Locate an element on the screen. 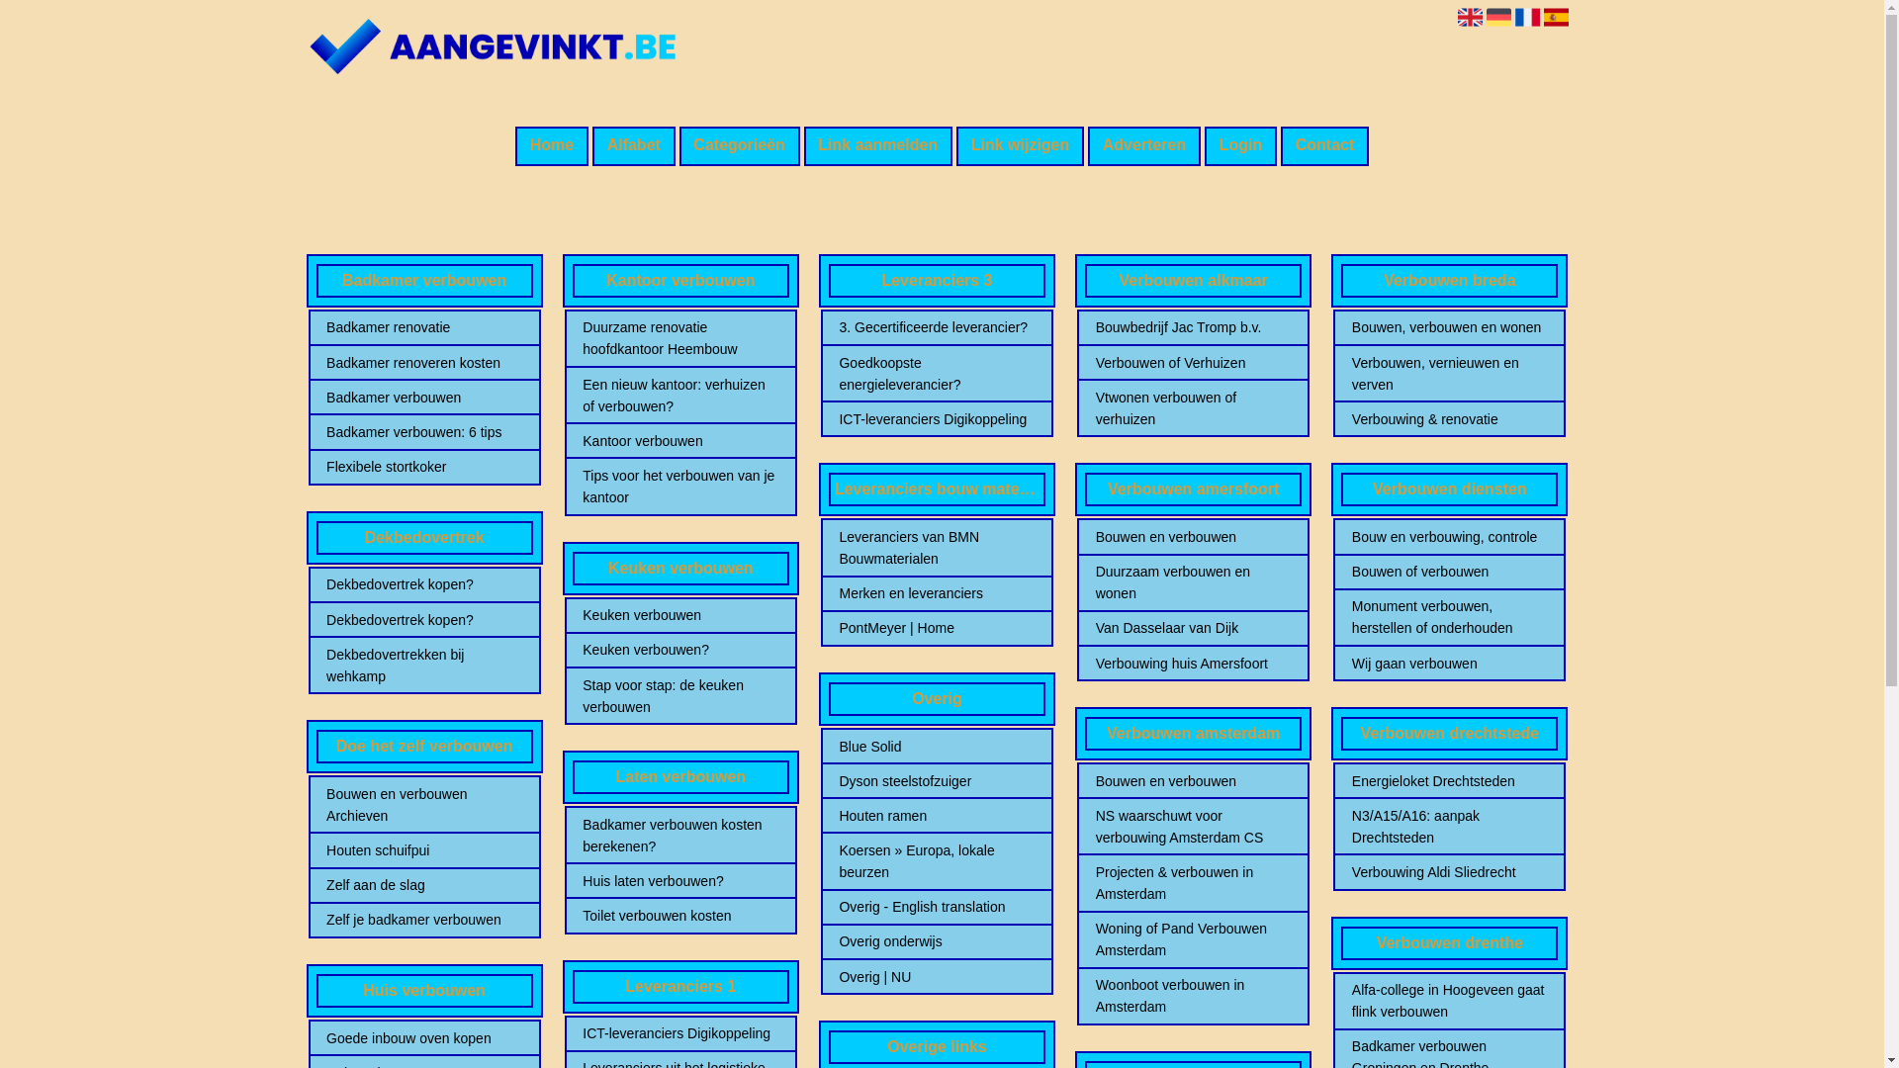 The width and height of the screenshot is (1899, 1068). 'Adverteren' is located at coordinates (1143, 144).